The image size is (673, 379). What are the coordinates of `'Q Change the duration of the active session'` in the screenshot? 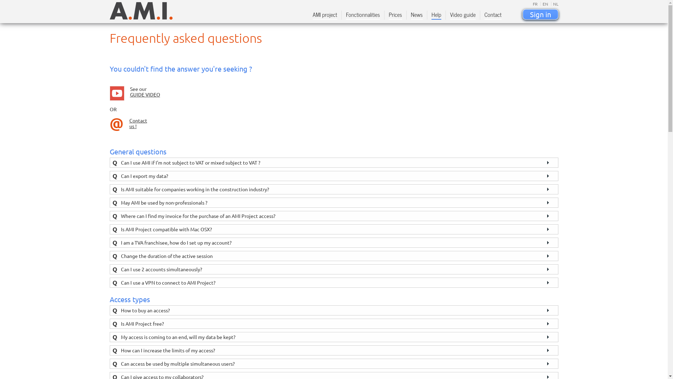 It's located at (109, 256).